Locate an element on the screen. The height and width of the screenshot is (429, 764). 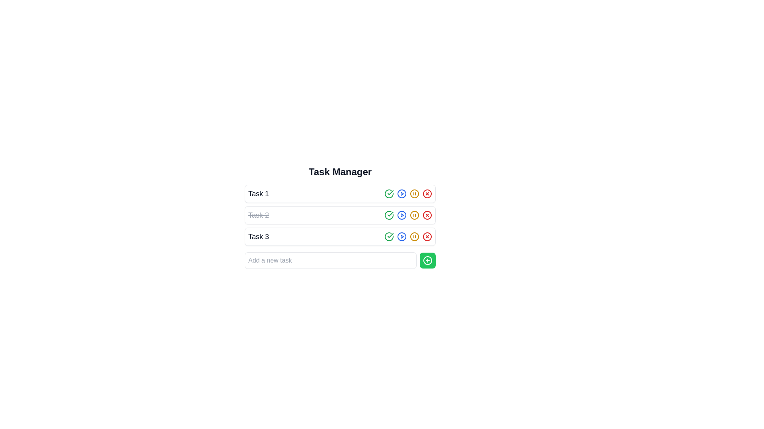
the 'Add Task' button located to the right of the 'Add a new task' input field is located at coordinates (427, 260).